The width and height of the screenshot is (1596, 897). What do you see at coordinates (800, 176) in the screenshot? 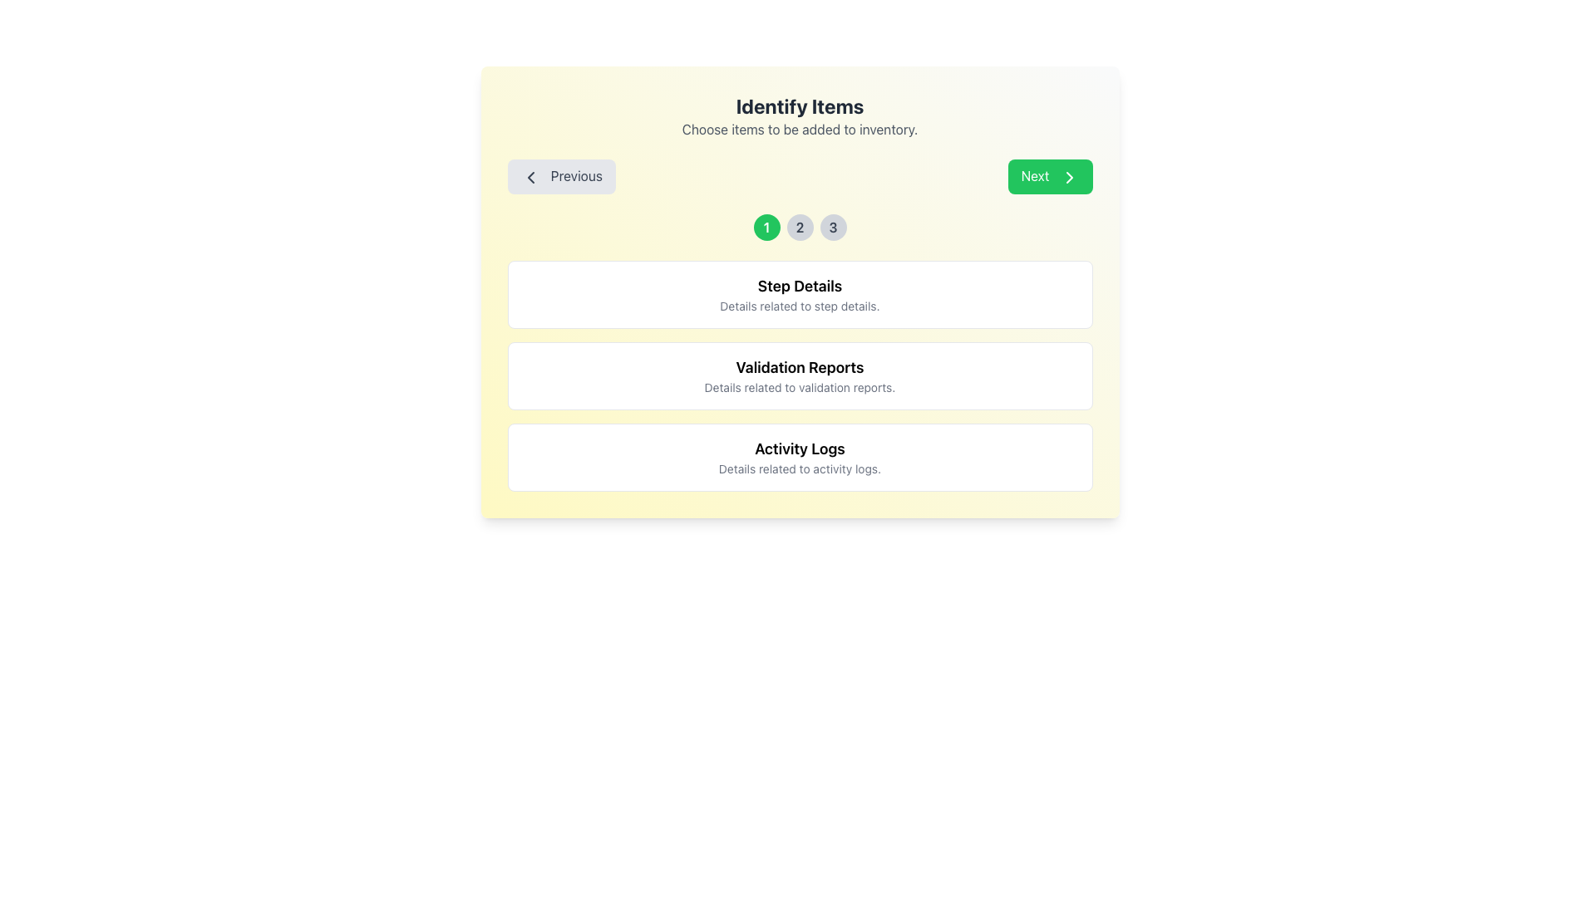
I see `the 'Previous' button on the dual-button navigation control` at bounding box center [800, 176].